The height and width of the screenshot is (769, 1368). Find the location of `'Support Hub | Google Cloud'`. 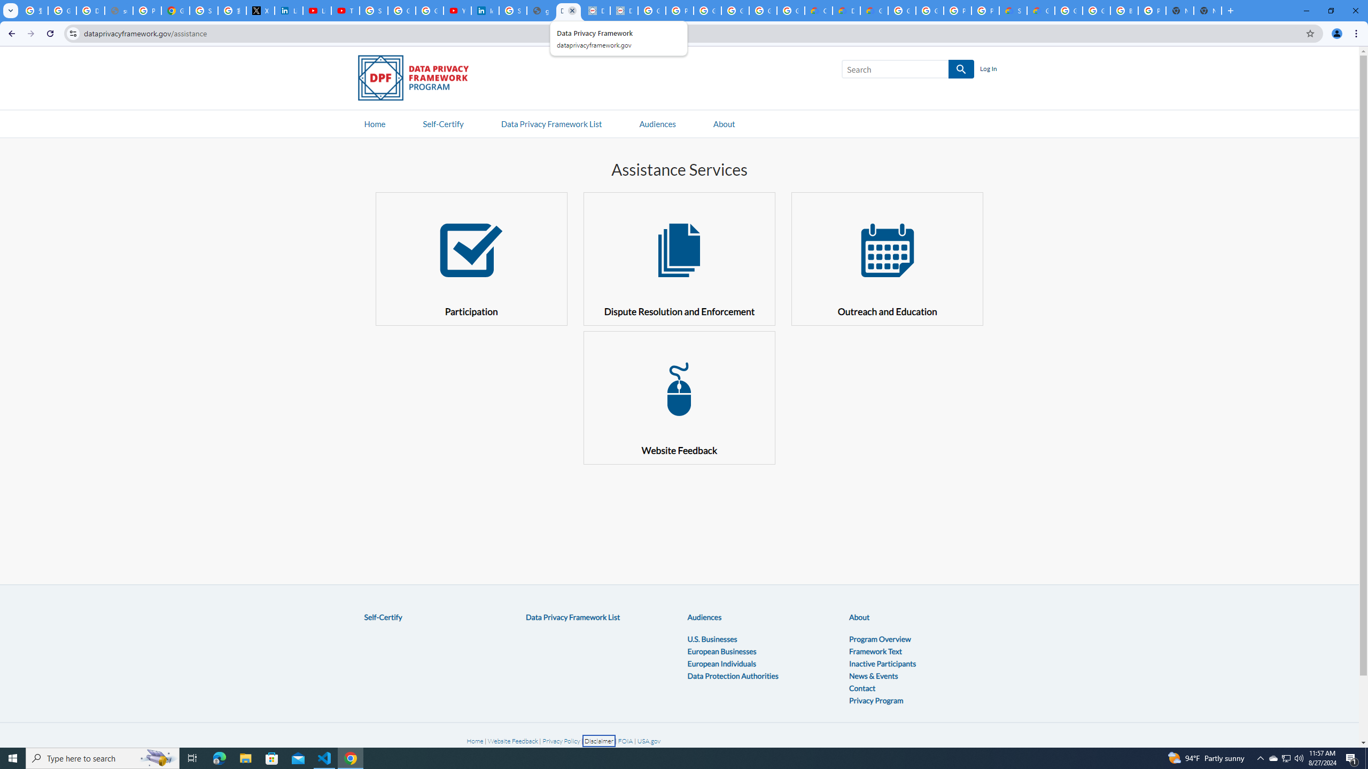

'Support Hub | Google Cloud' is located at coordinates (1013, 10).